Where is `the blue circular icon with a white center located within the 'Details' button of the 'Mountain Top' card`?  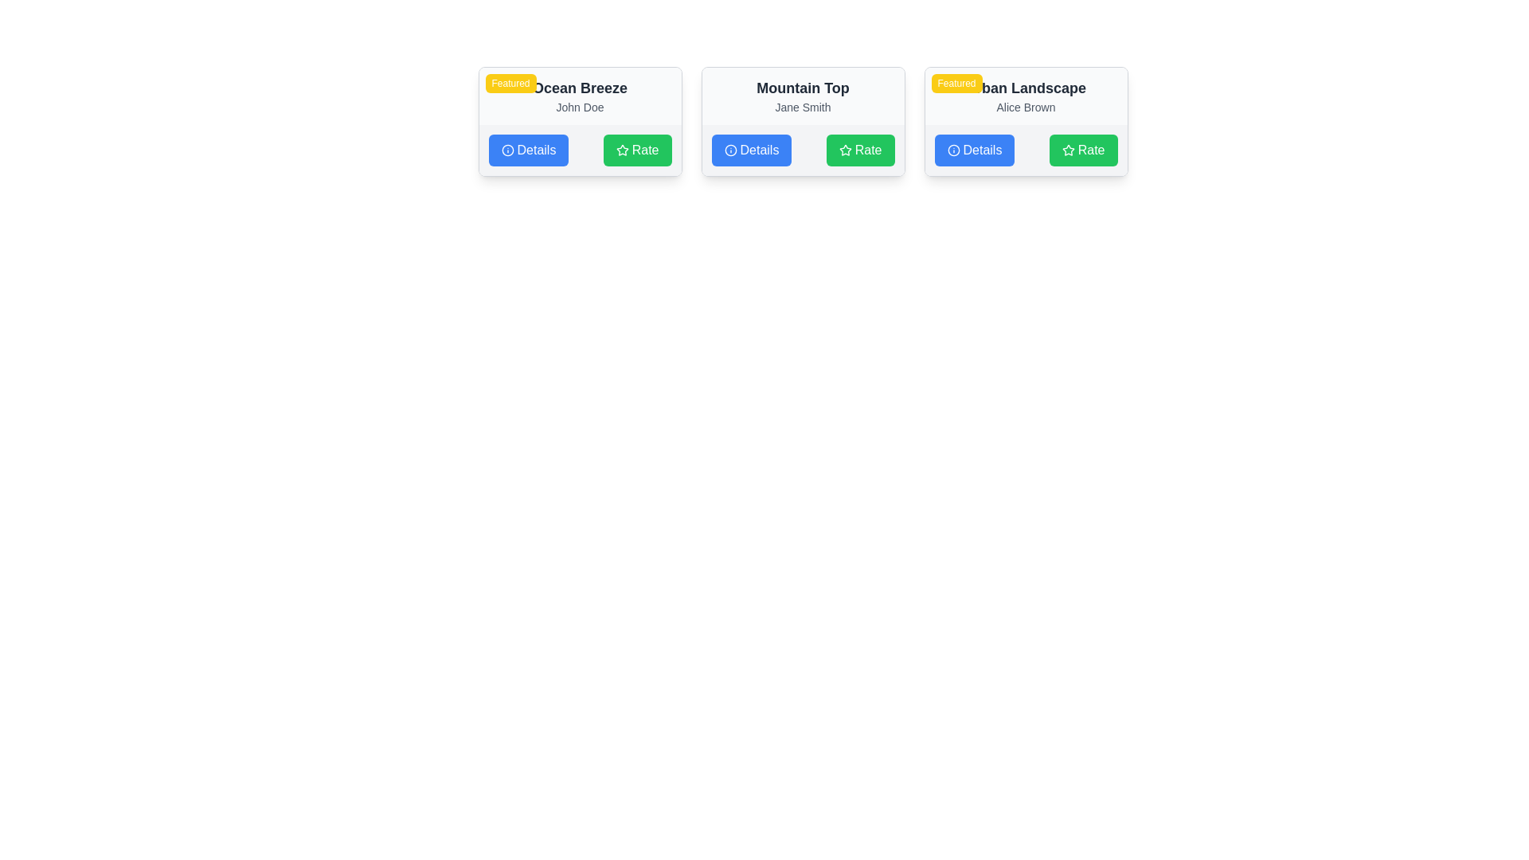
the blue circular icon with a white center located within the 'Details' button of the 'Mountain Top' card is located at coordinates (729, 150).